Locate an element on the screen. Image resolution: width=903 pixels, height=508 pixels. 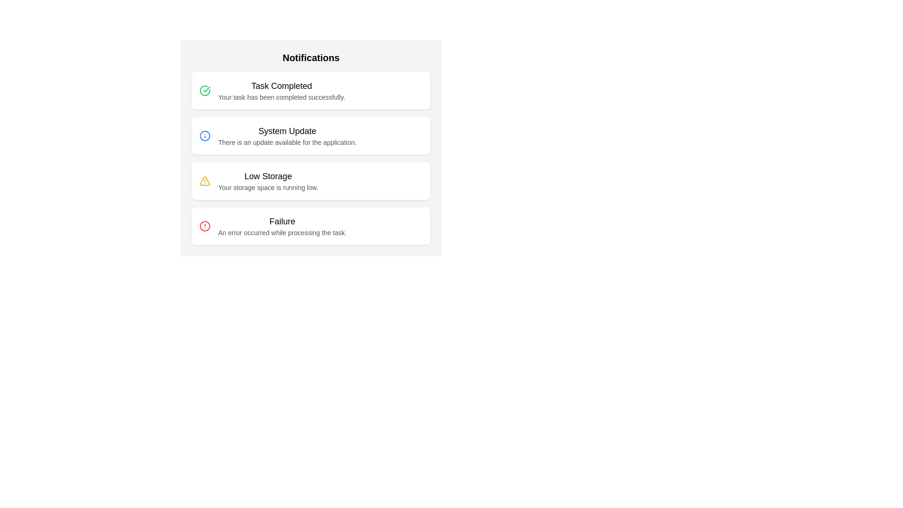
the bold 'Task Completed' text label, which is positioned at the top left corner of the notification card indicating task completion is located at coordinates (281, 86).